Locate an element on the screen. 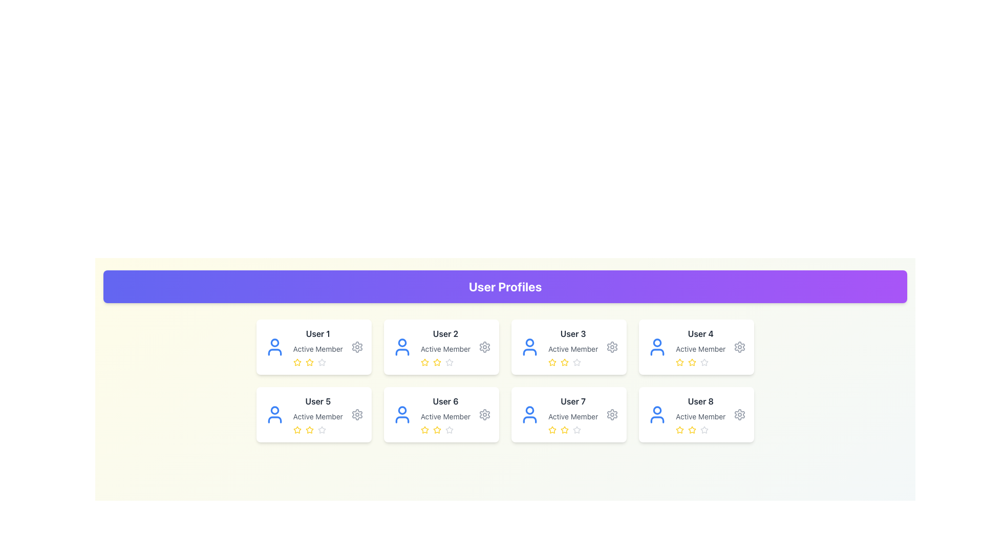 The height and width of the screenshot is (553, 983). the user profile label located in the second row and first column of the user profile grid layout, positioned below the 'User 5' icon and above the 'Active Member' label is located at coordinates (317, 400).